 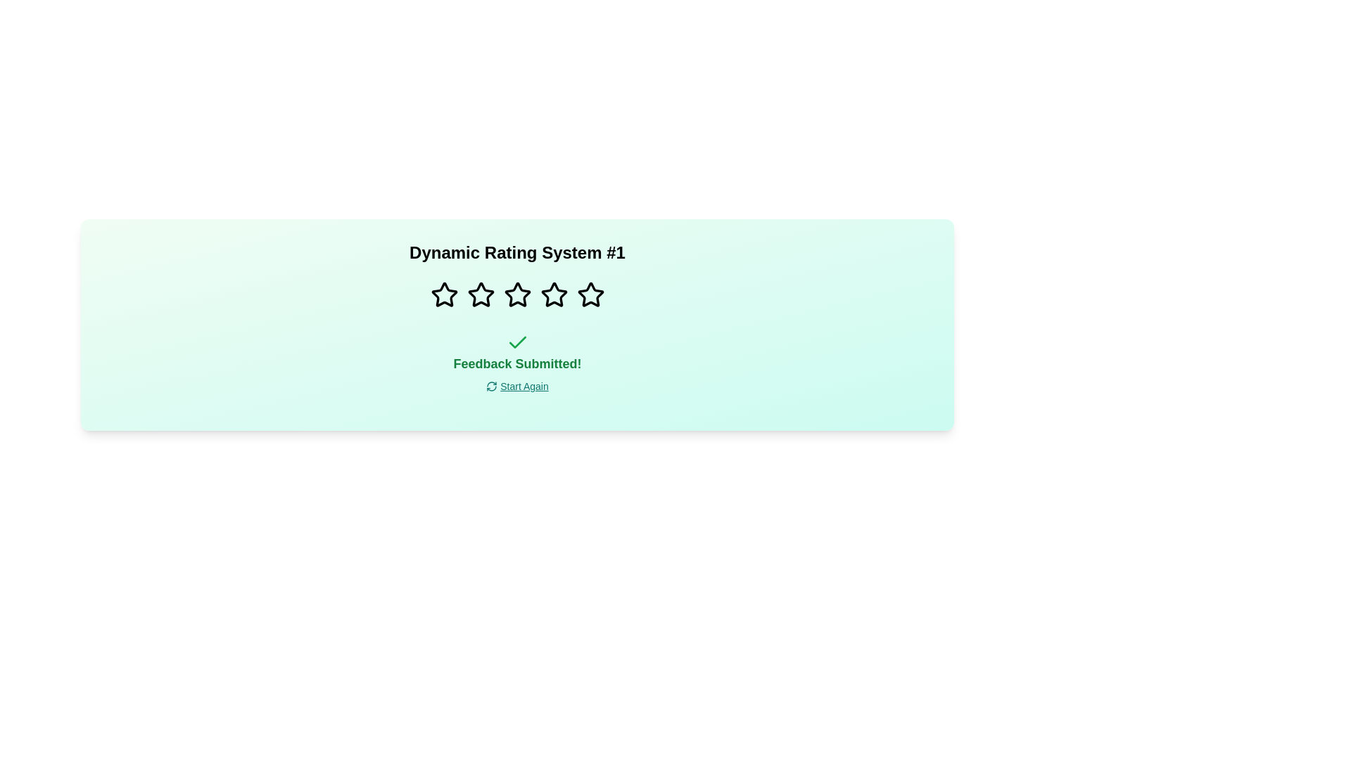 What do you see at coordinates (516, 294) in the screenshot?
I see `the third star icon in the rating input mechanism, which is part of the 'Dynamic Rating System #1' card displaying 'Feedback Submitted'` at bounding box center [516, 294].